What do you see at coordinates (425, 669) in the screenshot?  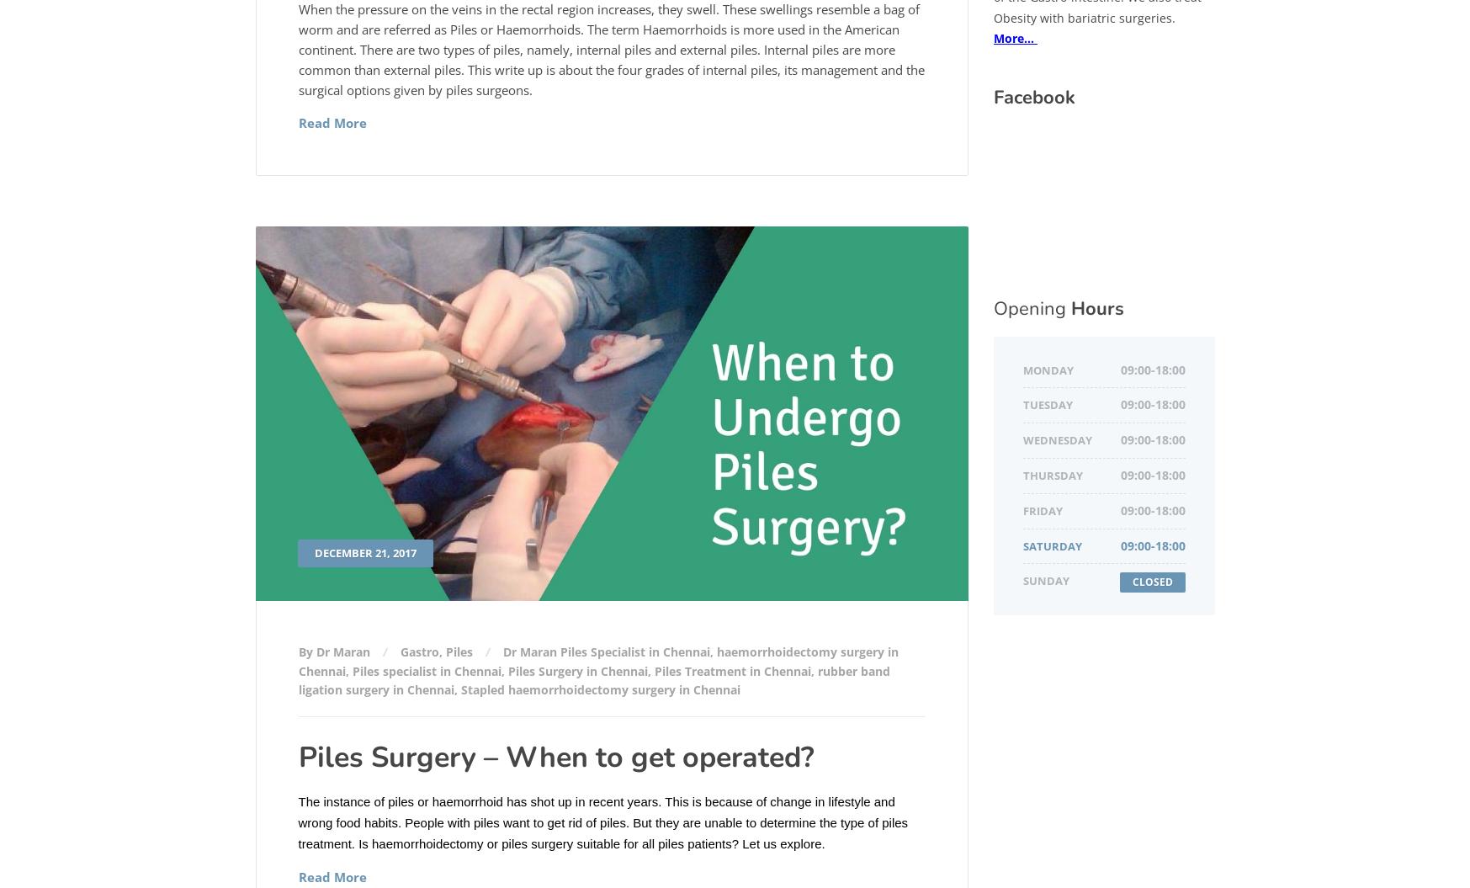 I see `'Piles specialist in Chennai'` at bounding box center [425, 669].